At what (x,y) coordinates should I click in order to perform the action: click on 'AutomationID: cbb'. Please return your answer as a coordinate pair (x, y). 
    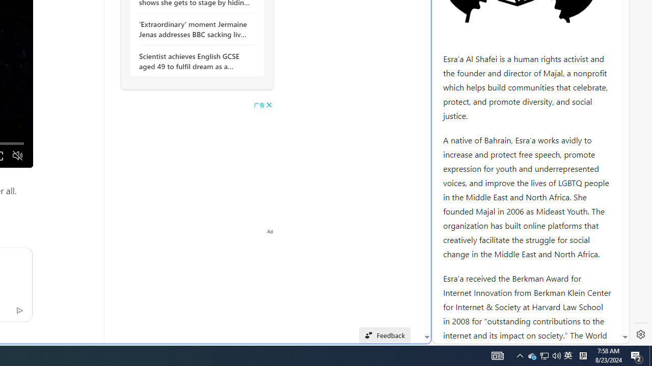
    Looking at the image, I should click on (269, 105).